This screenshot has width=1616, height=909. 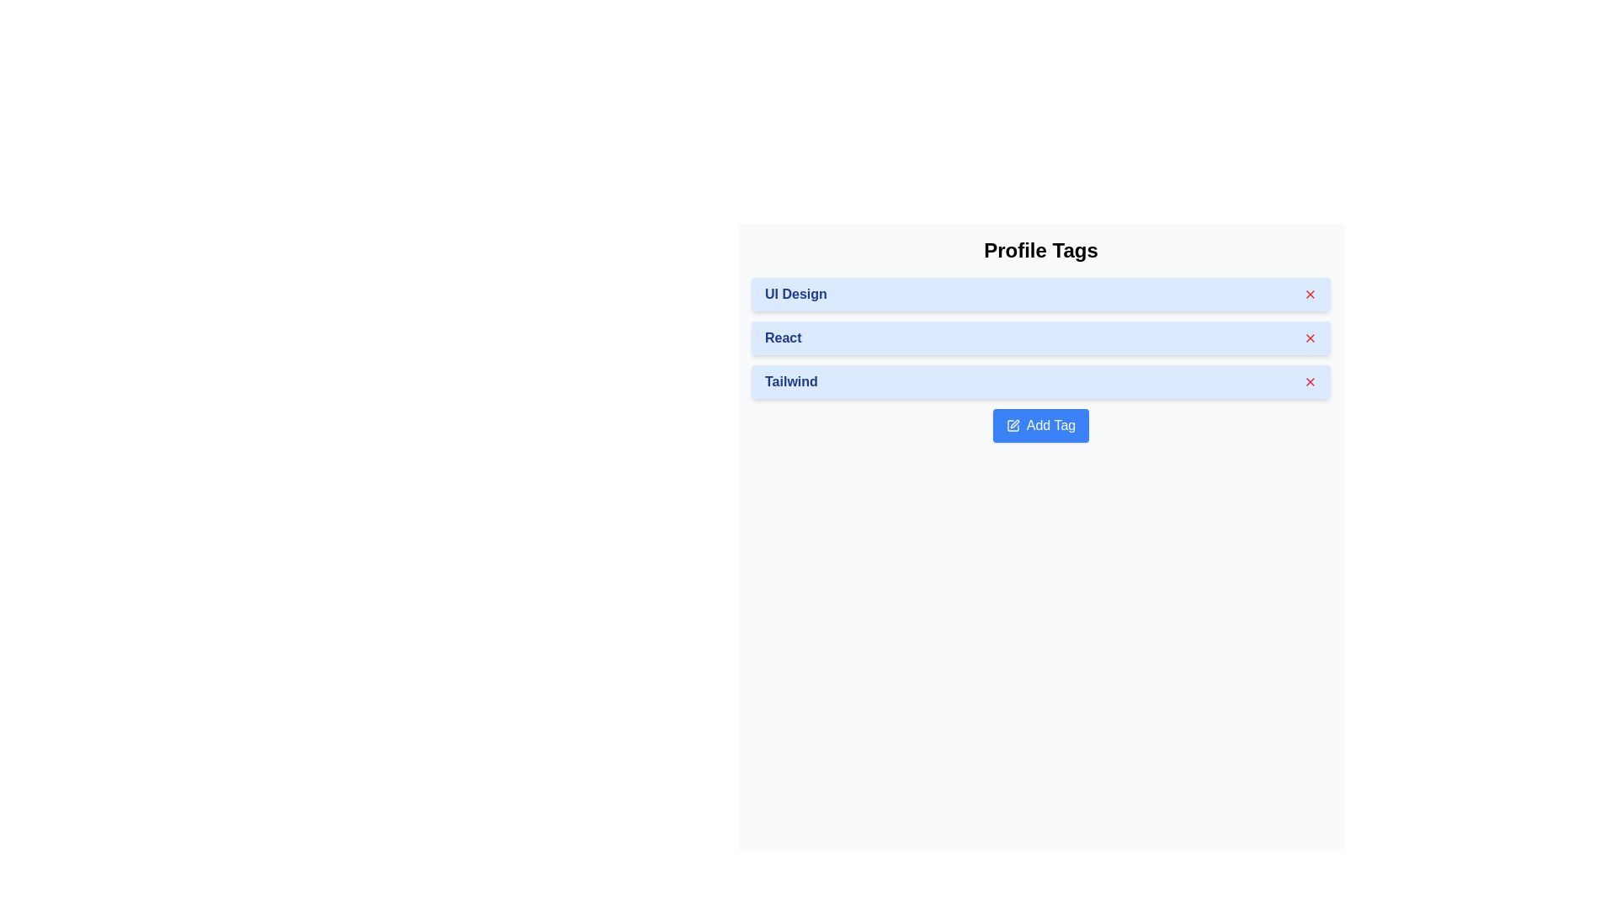 What do you see at coordinates (795, 294) in the screenshot?
I see `the 'UI Design' text label, which is styled in bold blue font and located on a light blue background within the first tag item under 'Profile Tags'` at bounding box center [795, 294].